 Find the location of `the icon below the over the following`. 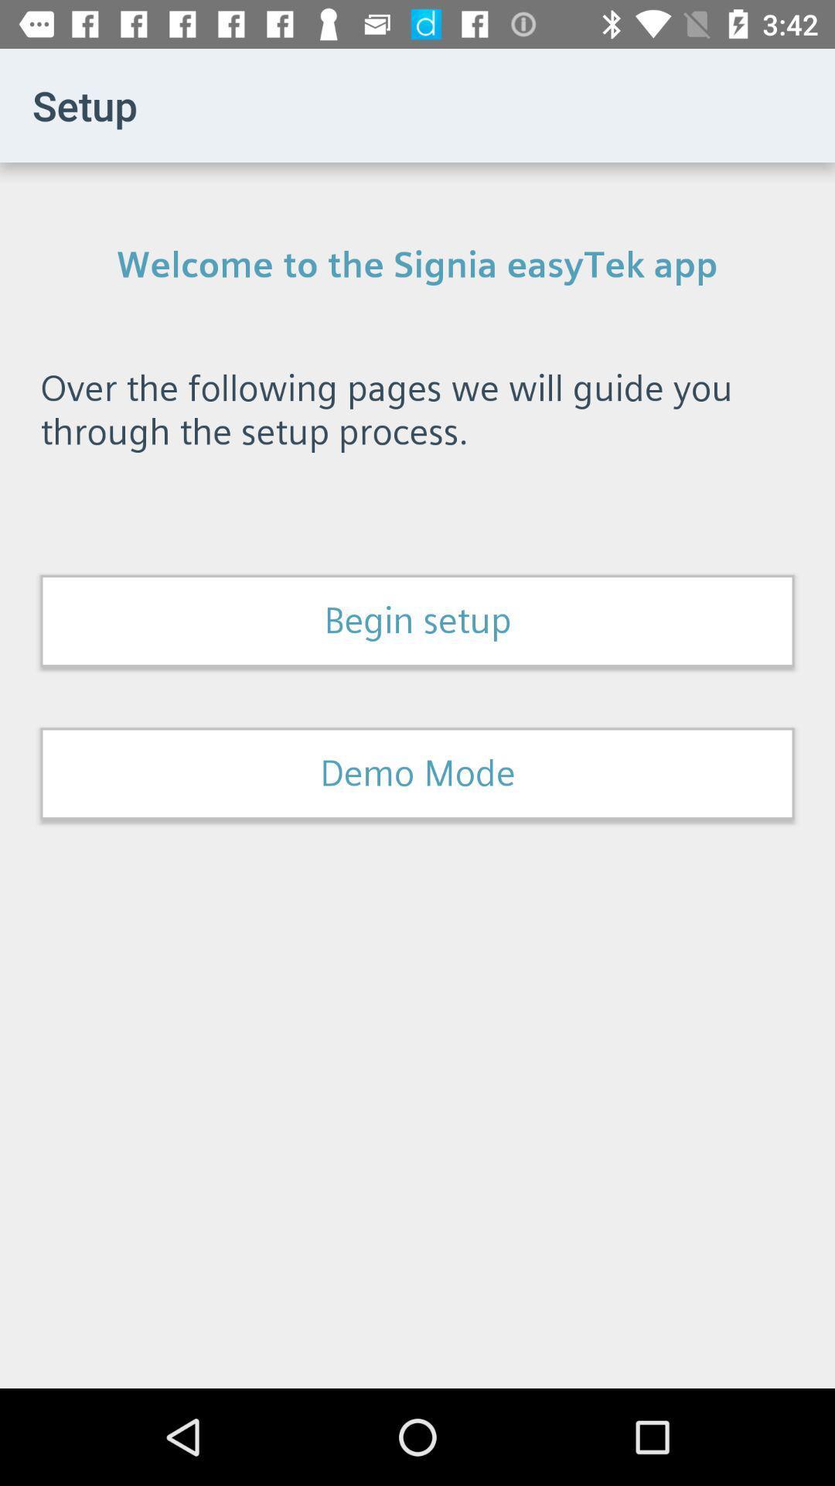

the icon below the over the following is located at coordinates (417, 621).